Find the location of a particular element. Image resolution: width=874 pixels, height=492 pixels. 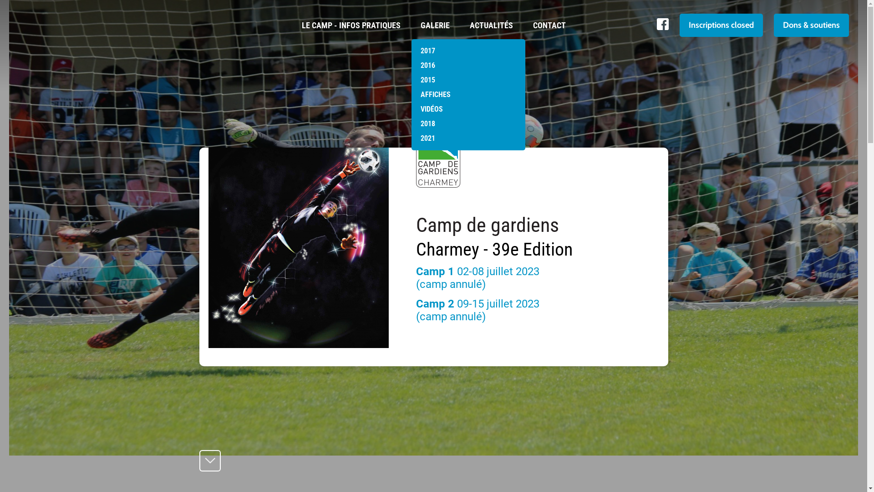

'2016' is located at coordinates (468, 65).